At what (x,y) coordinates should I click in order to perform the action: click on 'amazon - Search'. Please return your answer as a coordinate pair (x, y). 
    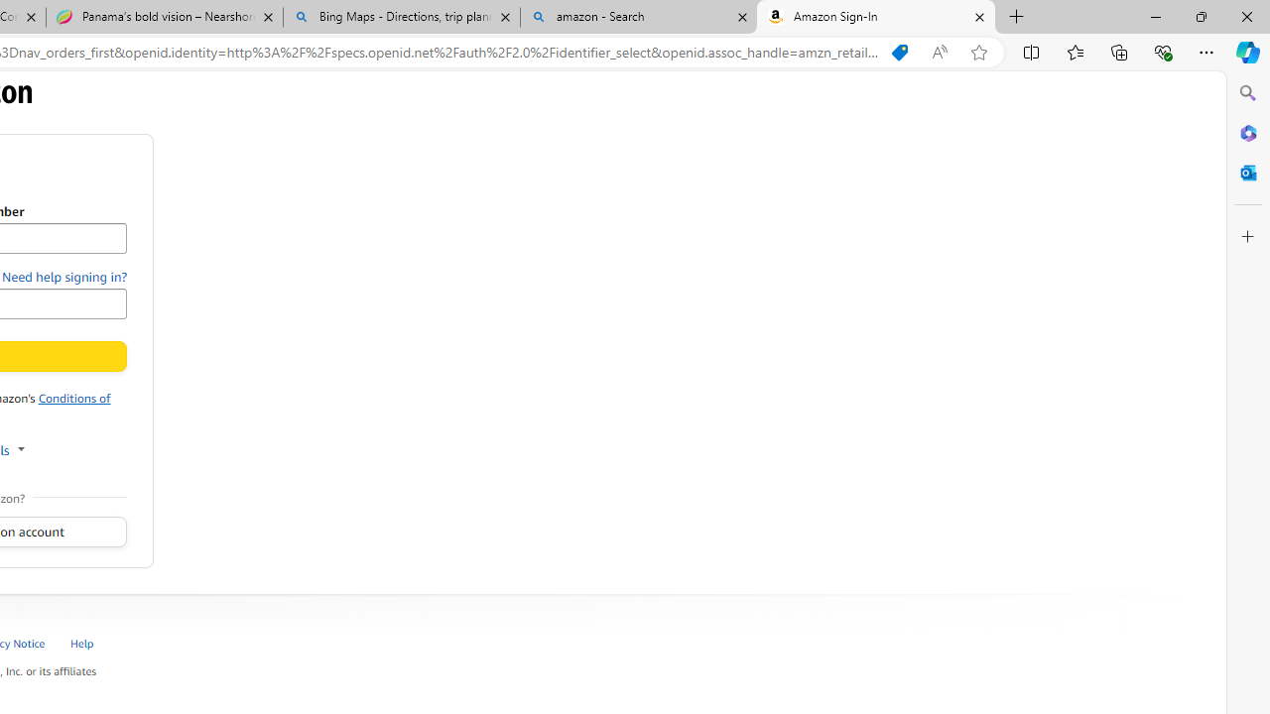
    Looking at the image, I should click on (638, 17).